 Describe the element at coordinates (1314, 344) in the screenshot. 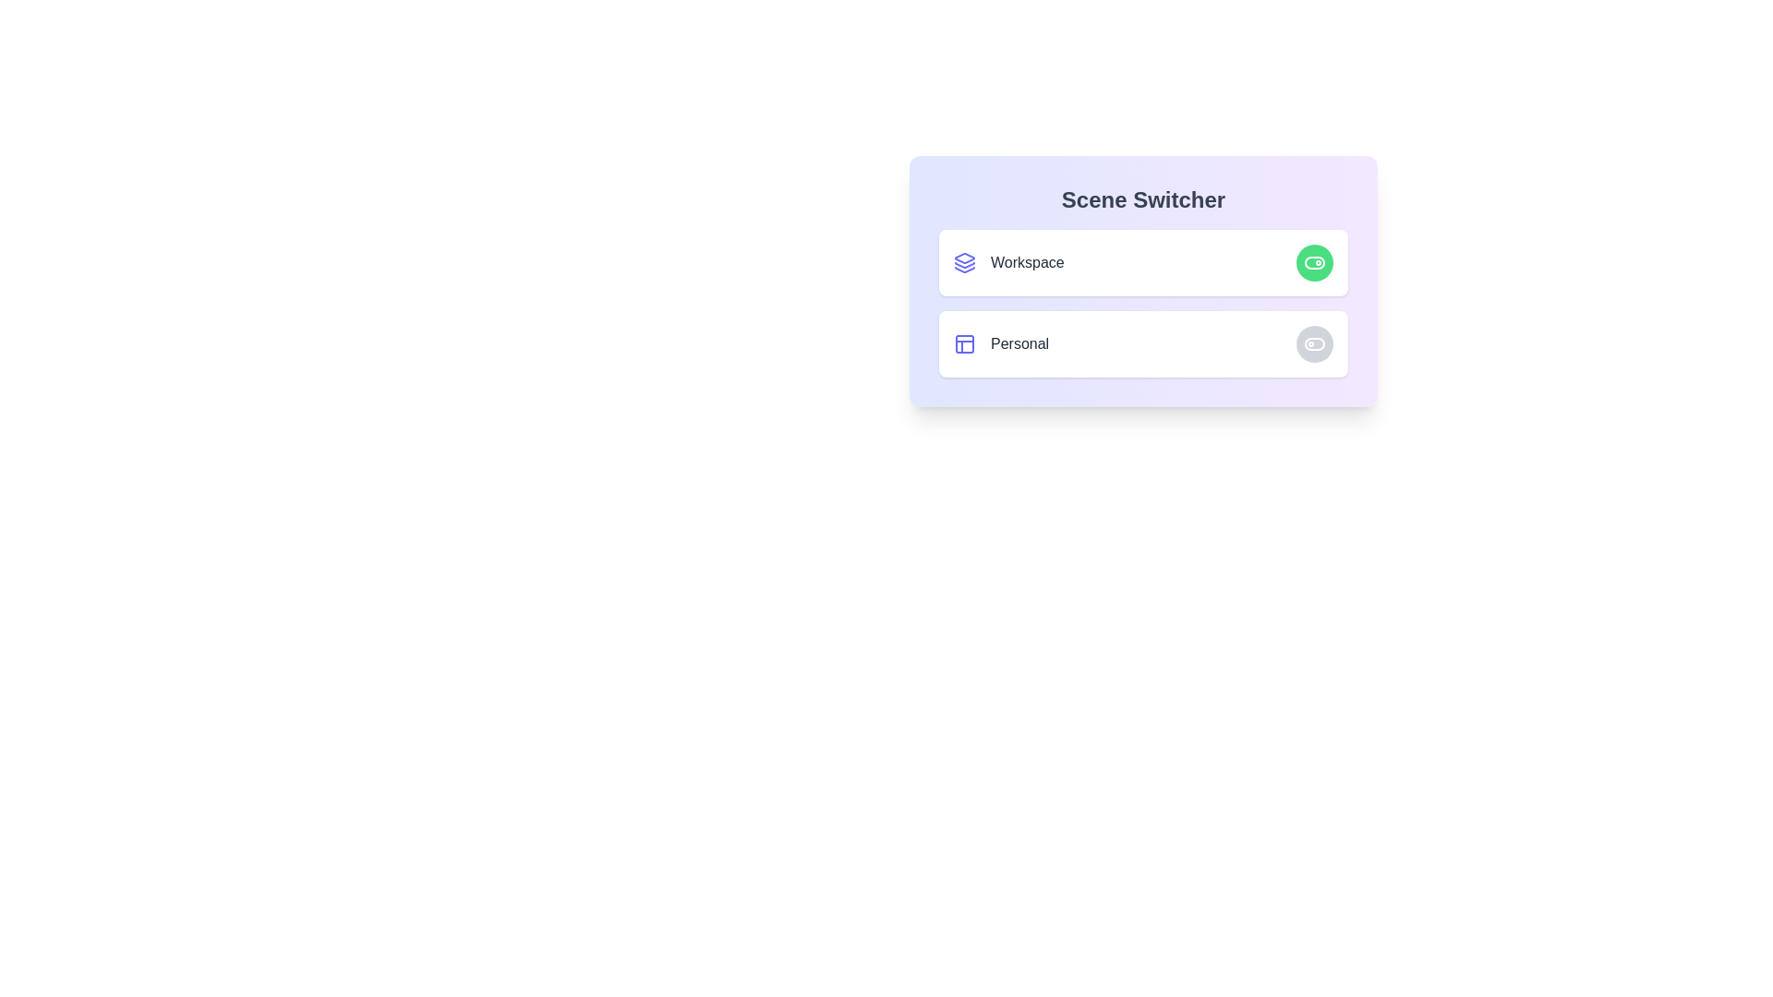

I see `the toggle switch with a rounded shape and gray background located in the 'Scene Switcher' card, far right of the row labeled 'Personal'` at that location.